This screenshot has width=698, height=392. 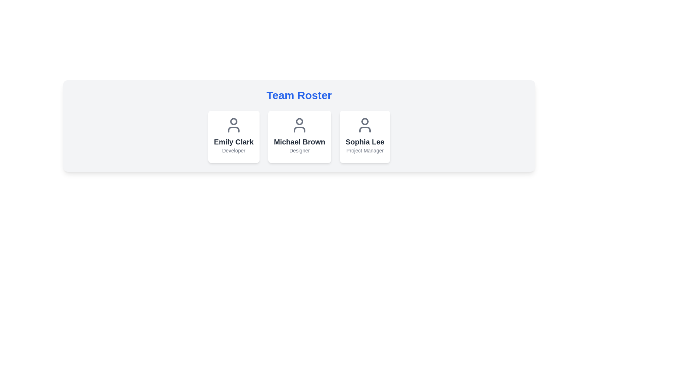 I want to click on the circular shape representing the head of the avatar for 'Sophia Lee, Project Manager' in the third card from the left within the 'Team Roster' section, so click(x=365, y=121).